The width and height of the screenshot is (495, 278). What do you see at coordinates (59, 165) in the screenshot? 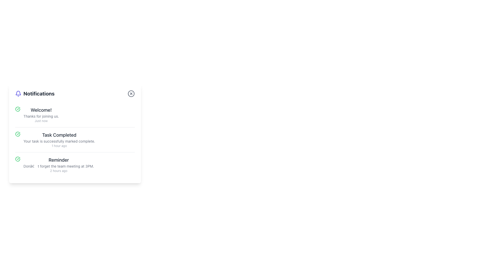
I see `the Notification element titled 'Reminder' located at the bottom of the notification panel` at bounding box center [59, 165].